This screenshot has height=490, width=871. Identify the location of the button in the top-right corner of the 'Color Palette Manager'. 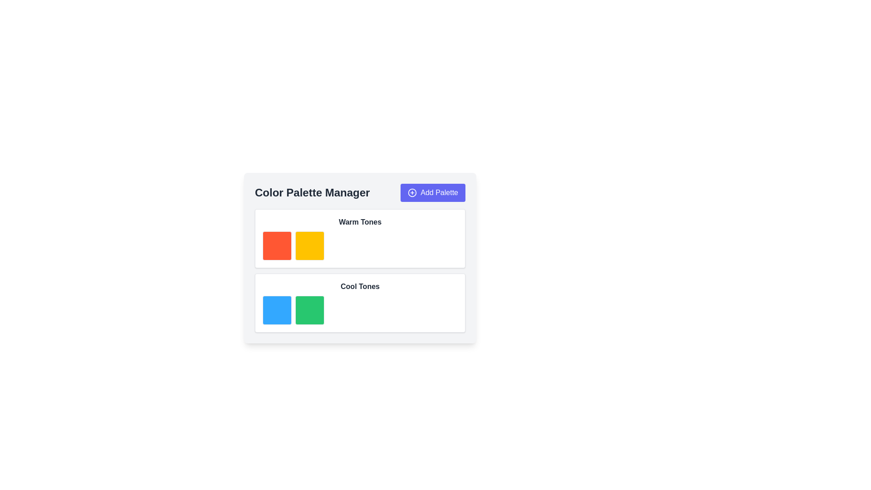
(432, 192).